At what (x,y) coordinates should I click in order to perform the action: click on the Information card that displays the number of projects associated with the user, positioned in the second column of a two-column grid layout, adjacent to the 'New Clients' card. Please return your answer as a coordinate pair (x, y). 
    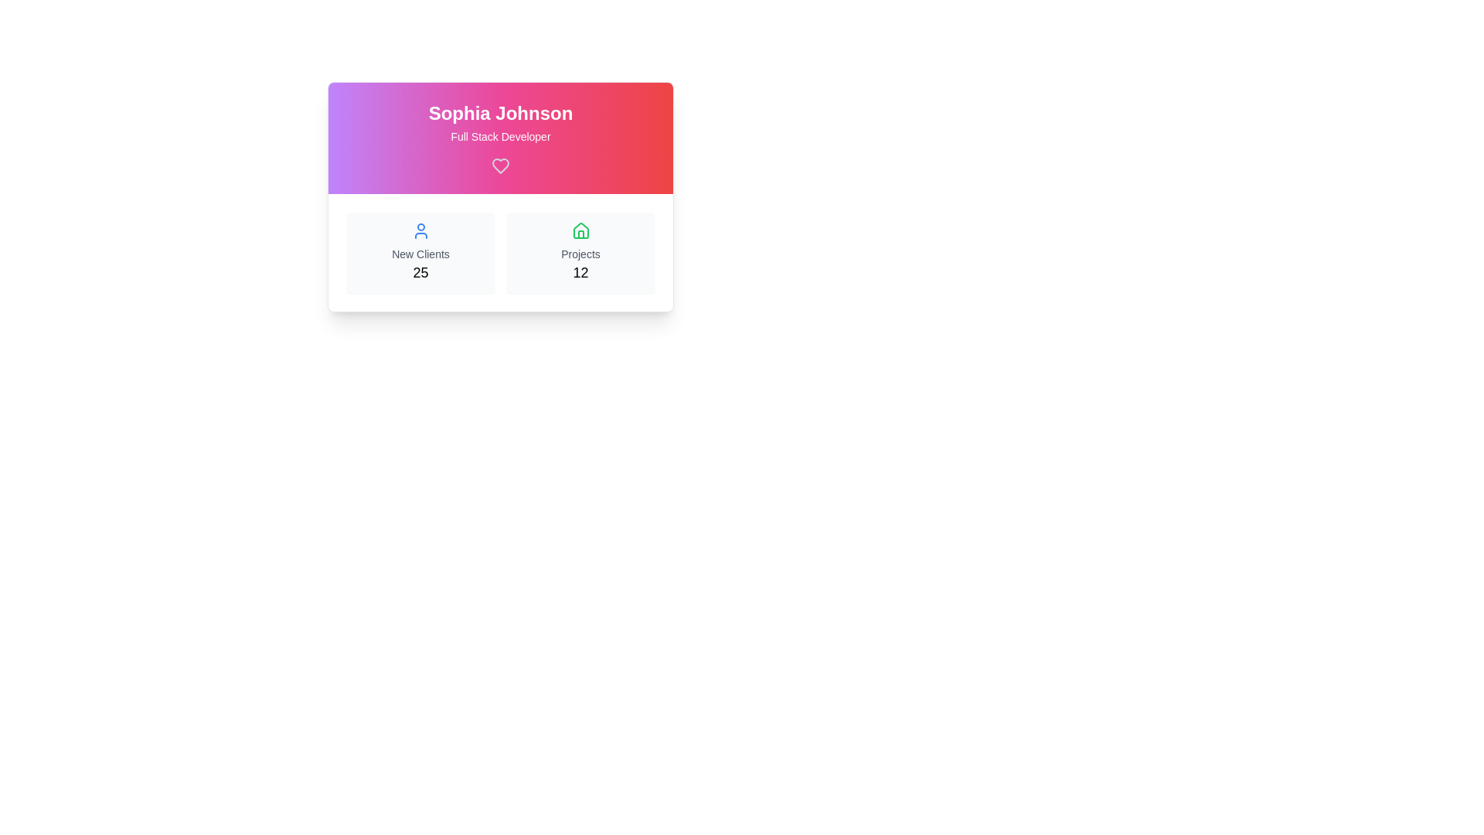
    Looking at the image, I should click on (580, 252).